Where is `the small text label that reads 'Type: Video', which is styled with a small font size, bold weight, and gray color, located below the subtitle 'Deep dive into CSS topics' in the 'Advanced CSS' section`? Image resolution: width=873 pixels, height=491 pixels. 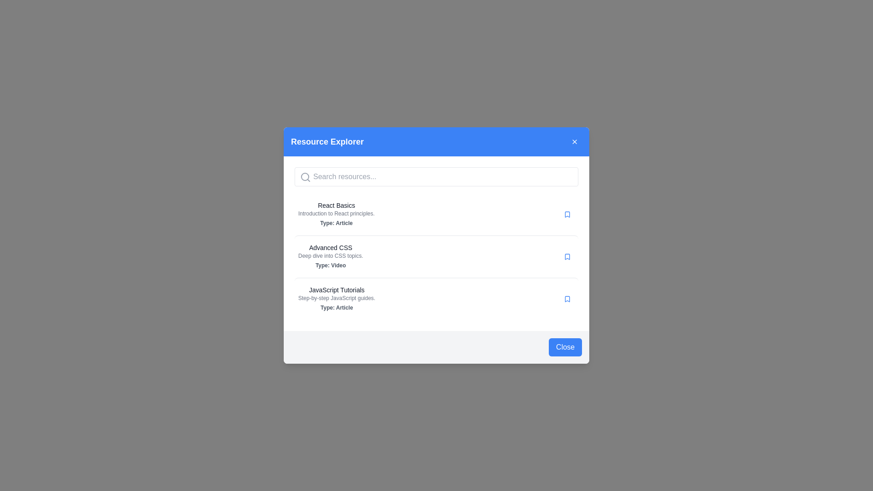
the small text label that reads 'Type: Video', which is styled with a small font size, bold weight, and gray color, located below the subtitle 'Deep dive into CSS topics' in the 'Advanced CSS' section is located at coordinates (330, 265).